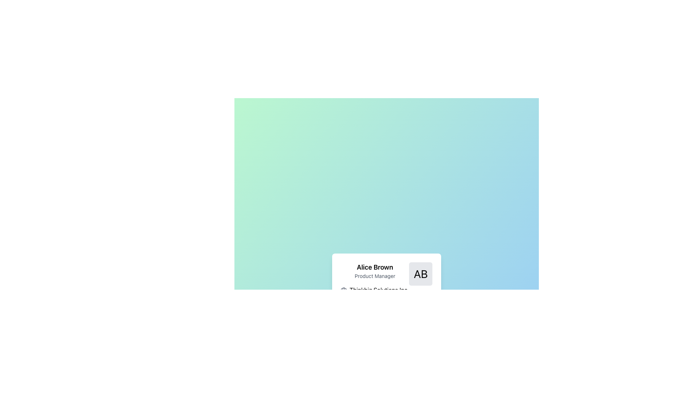 Image resolution: width=700 pixels, height=394 pixels. I want to click on the small gray briefcase icon located to the left of the text 'Thinkbiz Solutions Inc.', so click(343, 289).